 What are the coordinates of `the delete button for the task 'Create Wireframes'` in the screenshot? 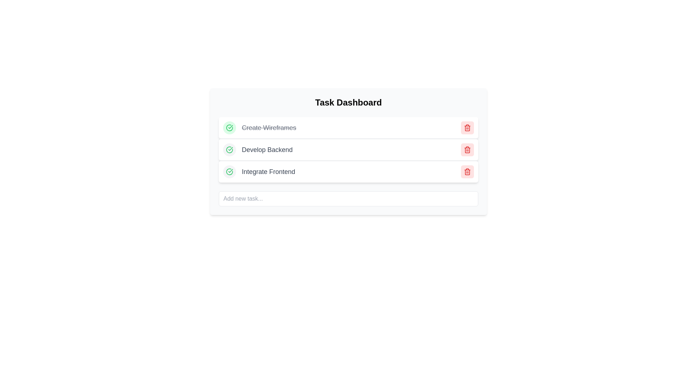 It's located at (467, 127).